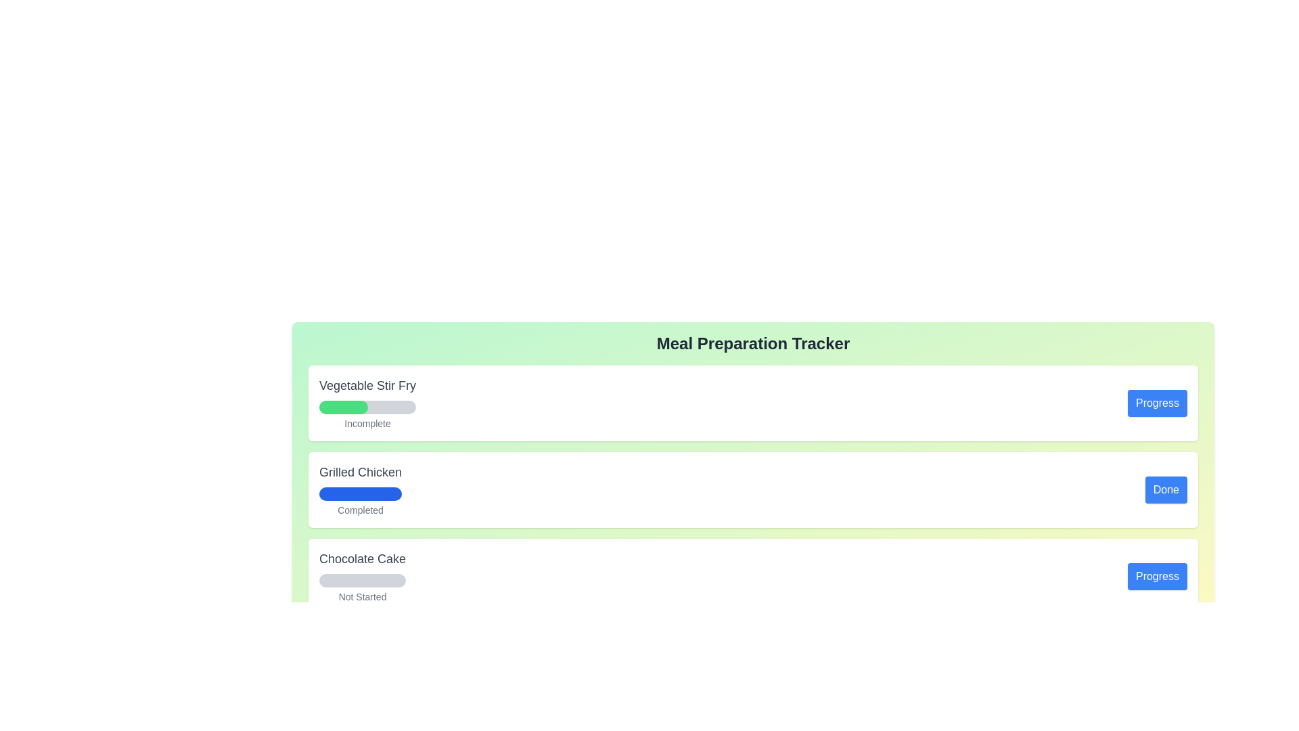 This screenshot has height=731, width=1299. Describe the element at coordinates (363, 596) in the screenshot. I see `the status indicator text label that shows the current progress state ('Not Started') for the task related to 'Chocolate Cake', positioned at the bottom of the card` at that location.